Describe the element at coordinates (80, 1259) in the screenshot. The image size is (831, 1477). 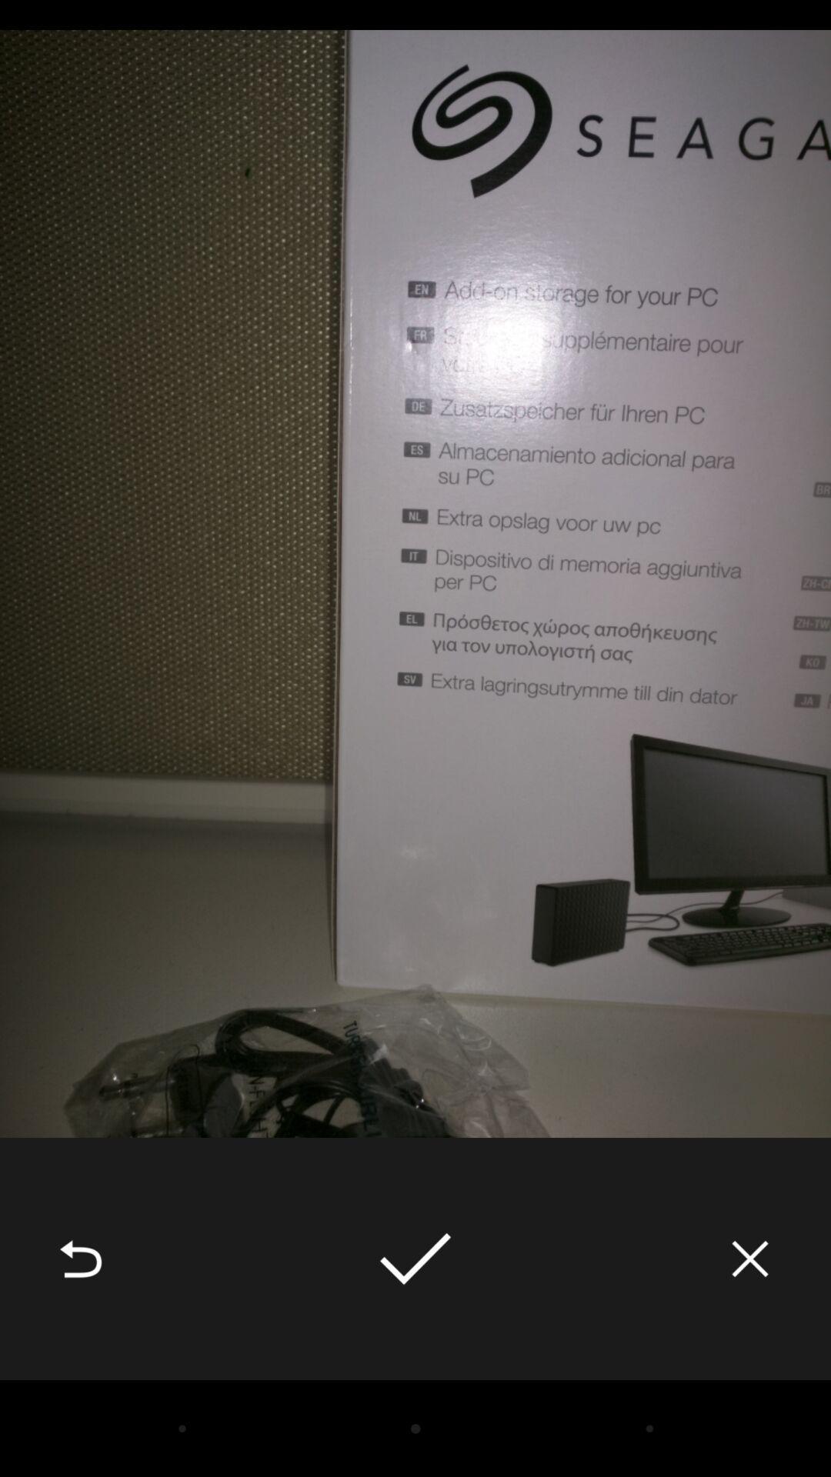
I see `icon at the bottom left corner` at that location.